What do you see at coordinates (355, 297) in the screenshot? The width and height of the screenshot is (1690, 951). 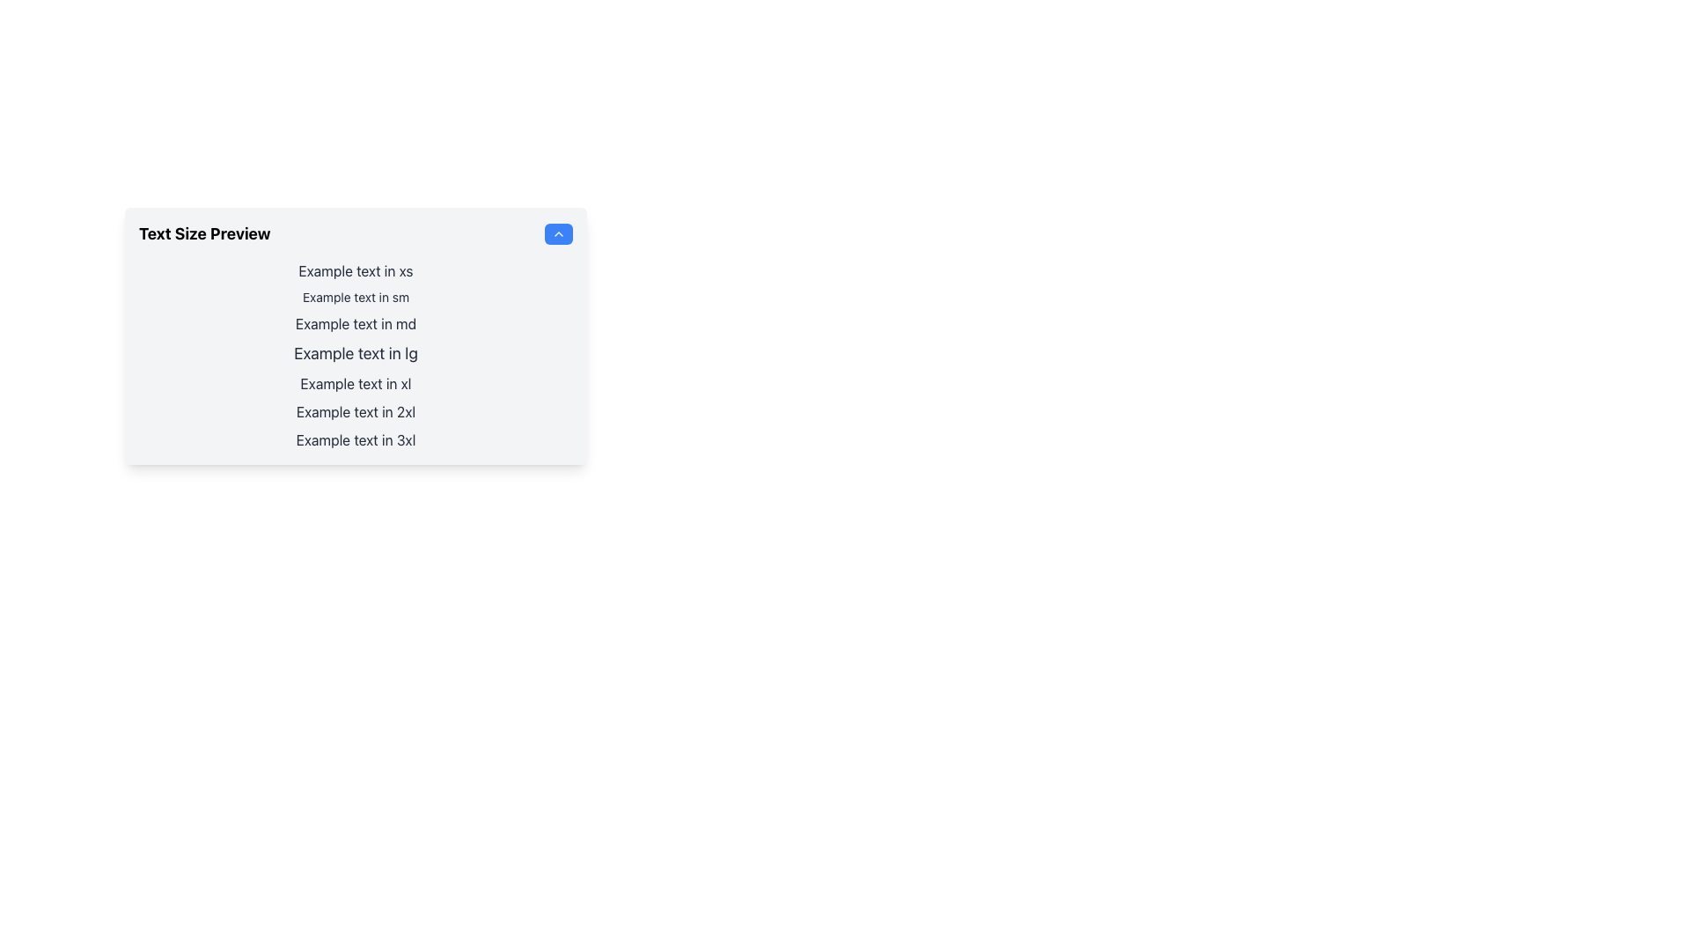 I see `the text label that demonstrates a small font size, positioned below 'Example text in xs' and above 'Example text in md'` at bounding box center [355, 297].